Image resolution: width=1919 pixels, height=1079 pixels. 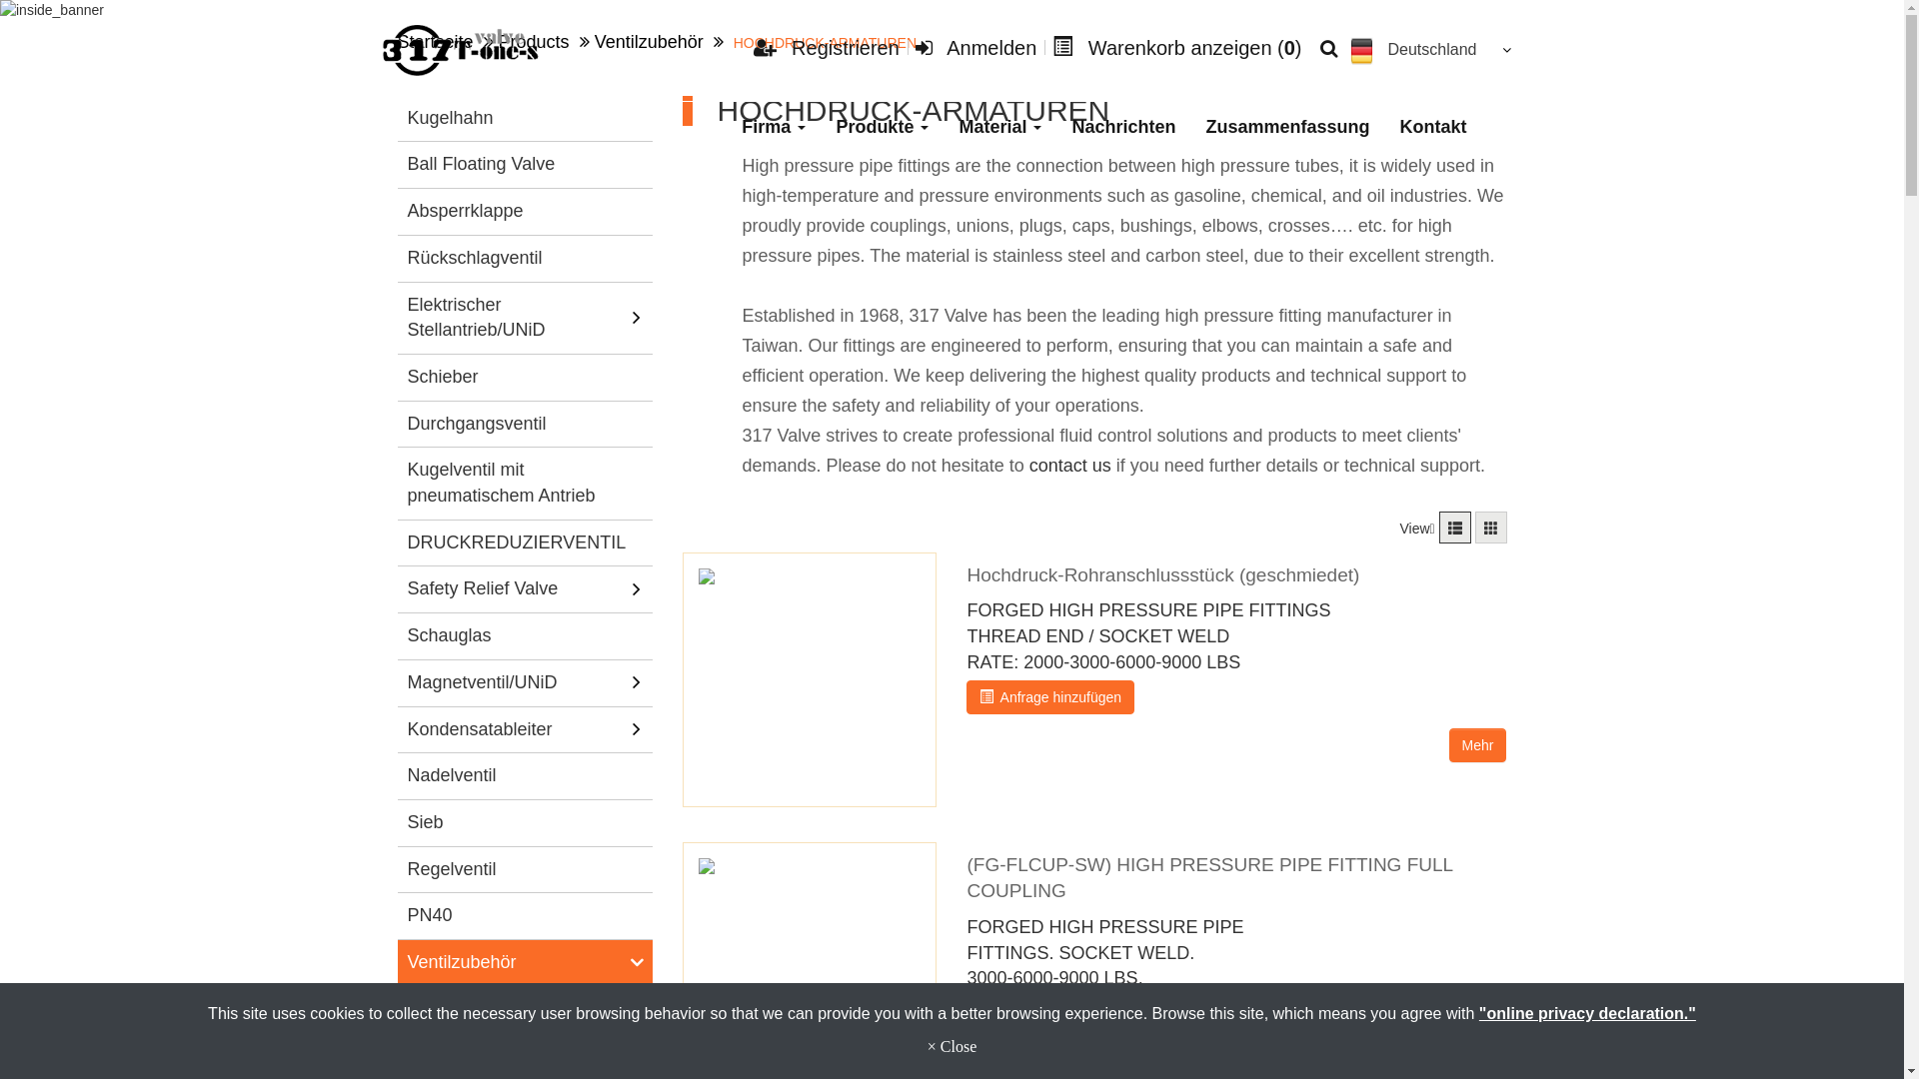 What do you see at coordinates (772, 127) in the screenshot?
I see `'Firma'` at bounding box center [772, 127].